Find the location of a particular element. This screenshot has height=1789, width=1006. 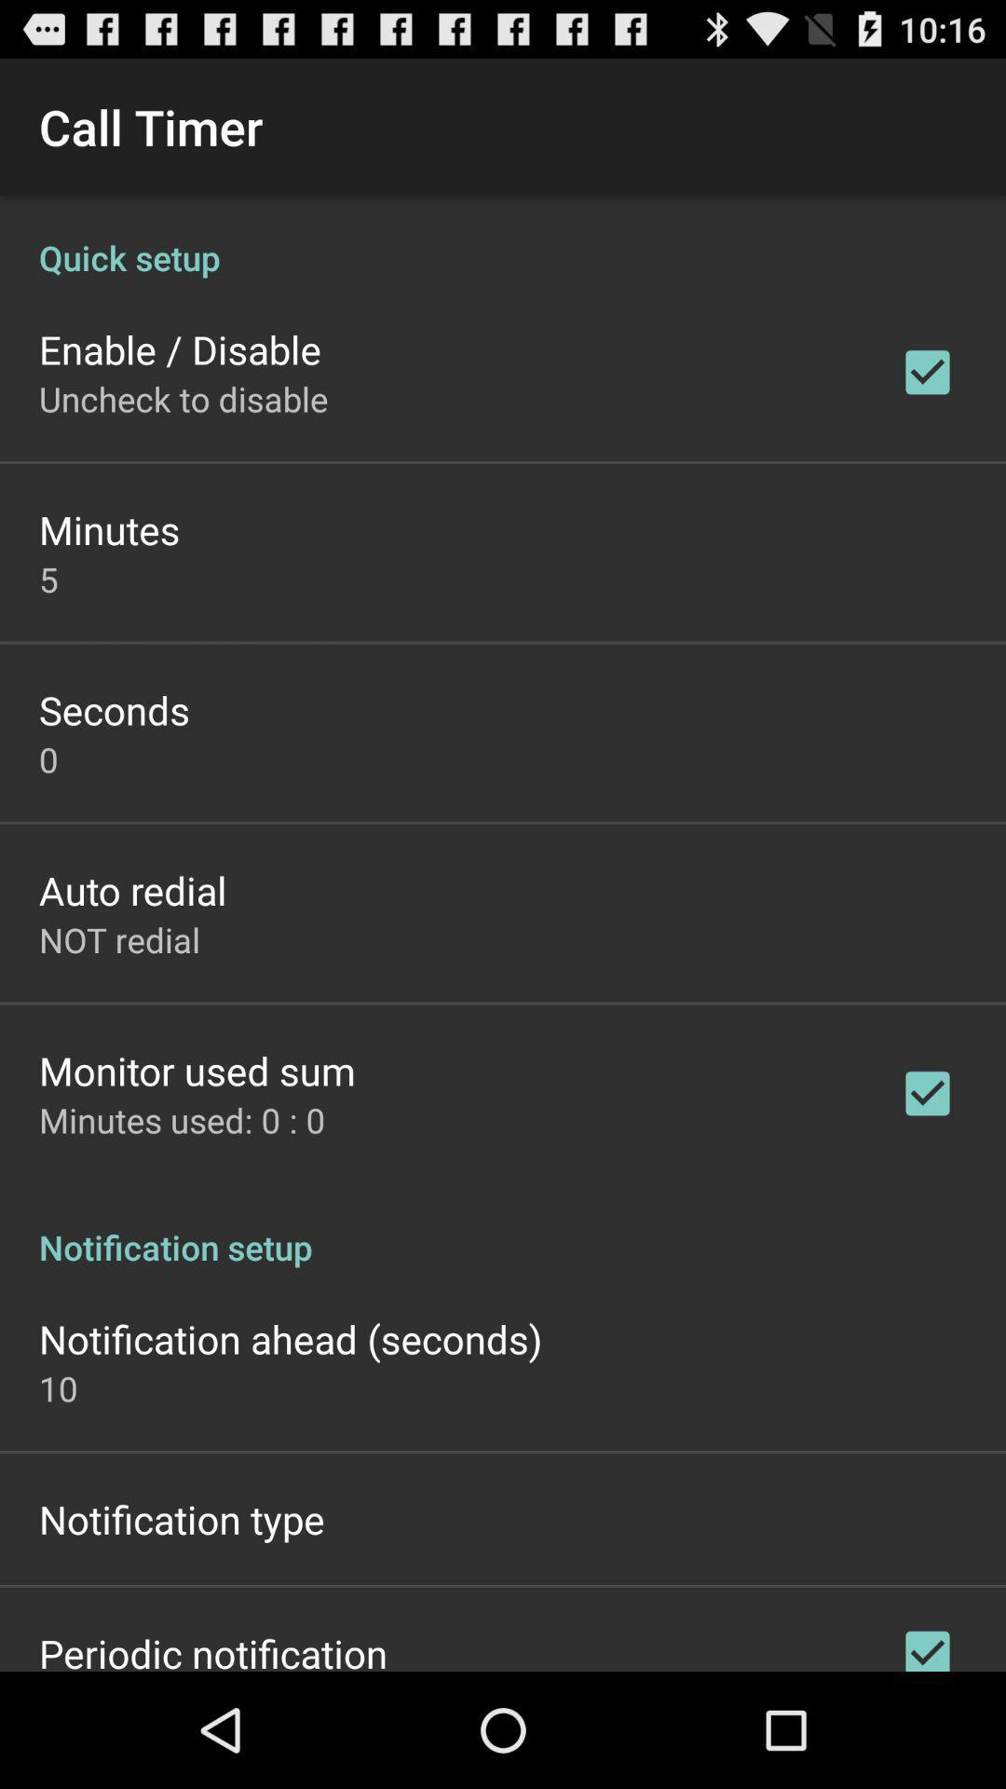

notification ahead (seconds) is located at coordinates (291, 1337).